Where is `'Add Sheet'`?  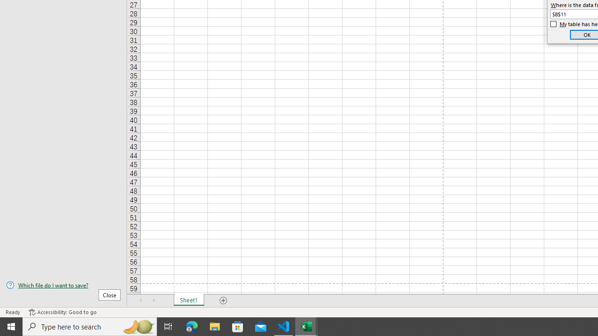 'Add Sheet' is located at coordinates (223, 301).